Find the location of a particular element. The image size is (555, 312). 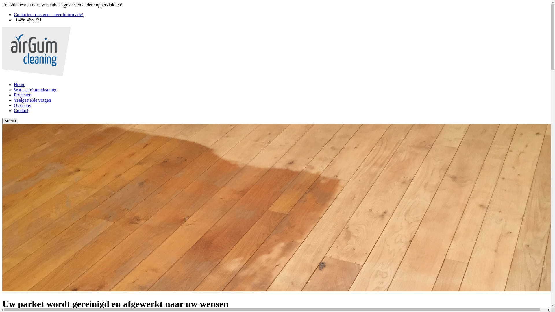

'Contact' is located at coordinates (21, 110).